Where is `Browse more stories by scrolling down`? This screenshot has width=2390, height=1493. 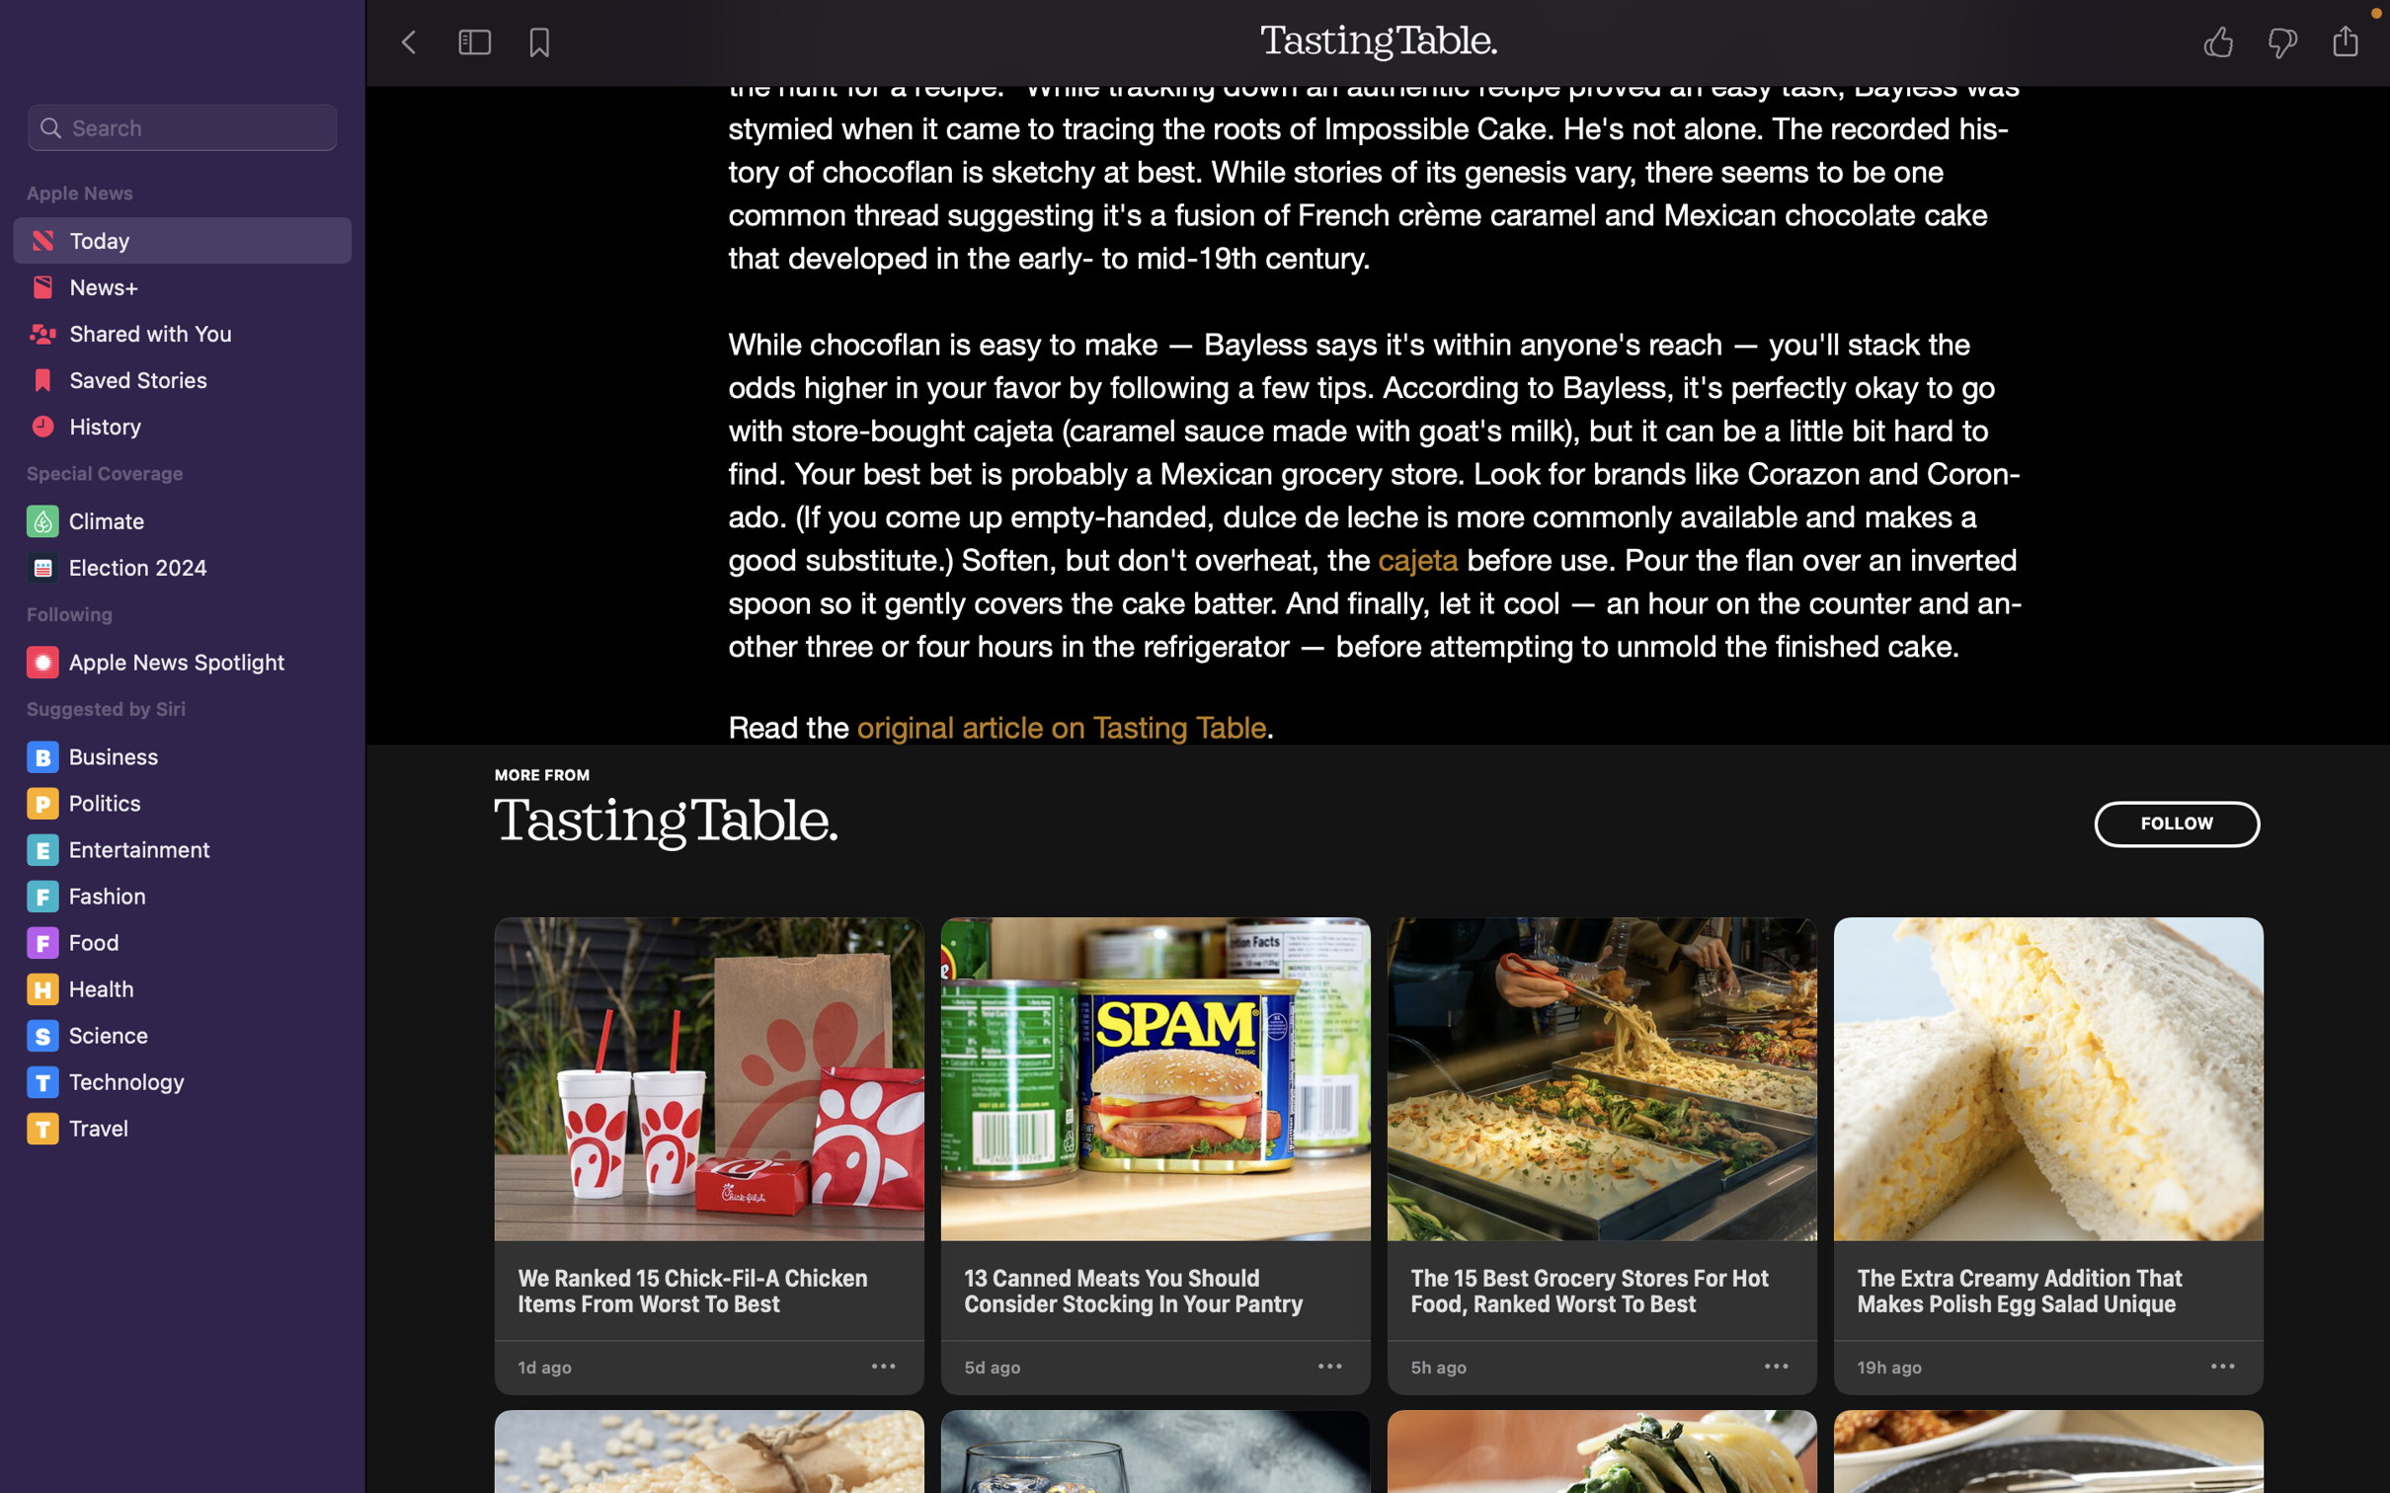
Browse more stories by scrolling down is located at coordinates (3967400, 1425068).